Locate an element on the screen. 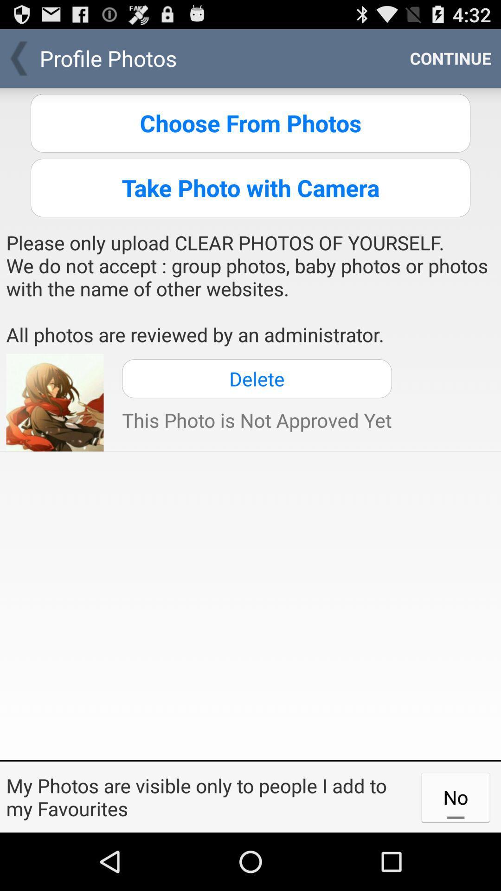  the no icon is located at coordinates (455, 796).